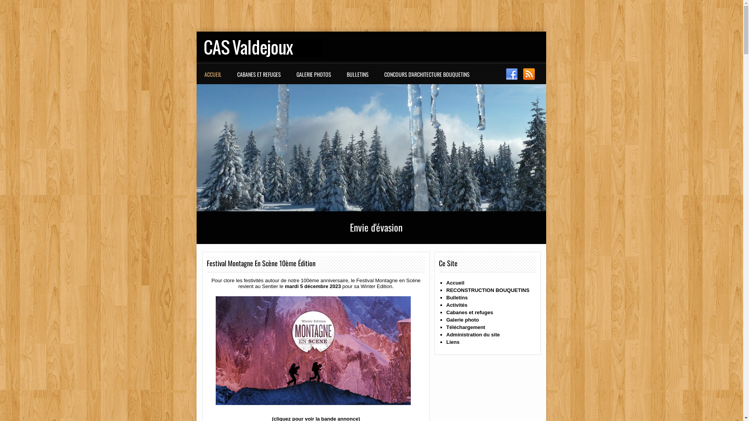  I want to click on 'Administration du site', so click(446, 334).